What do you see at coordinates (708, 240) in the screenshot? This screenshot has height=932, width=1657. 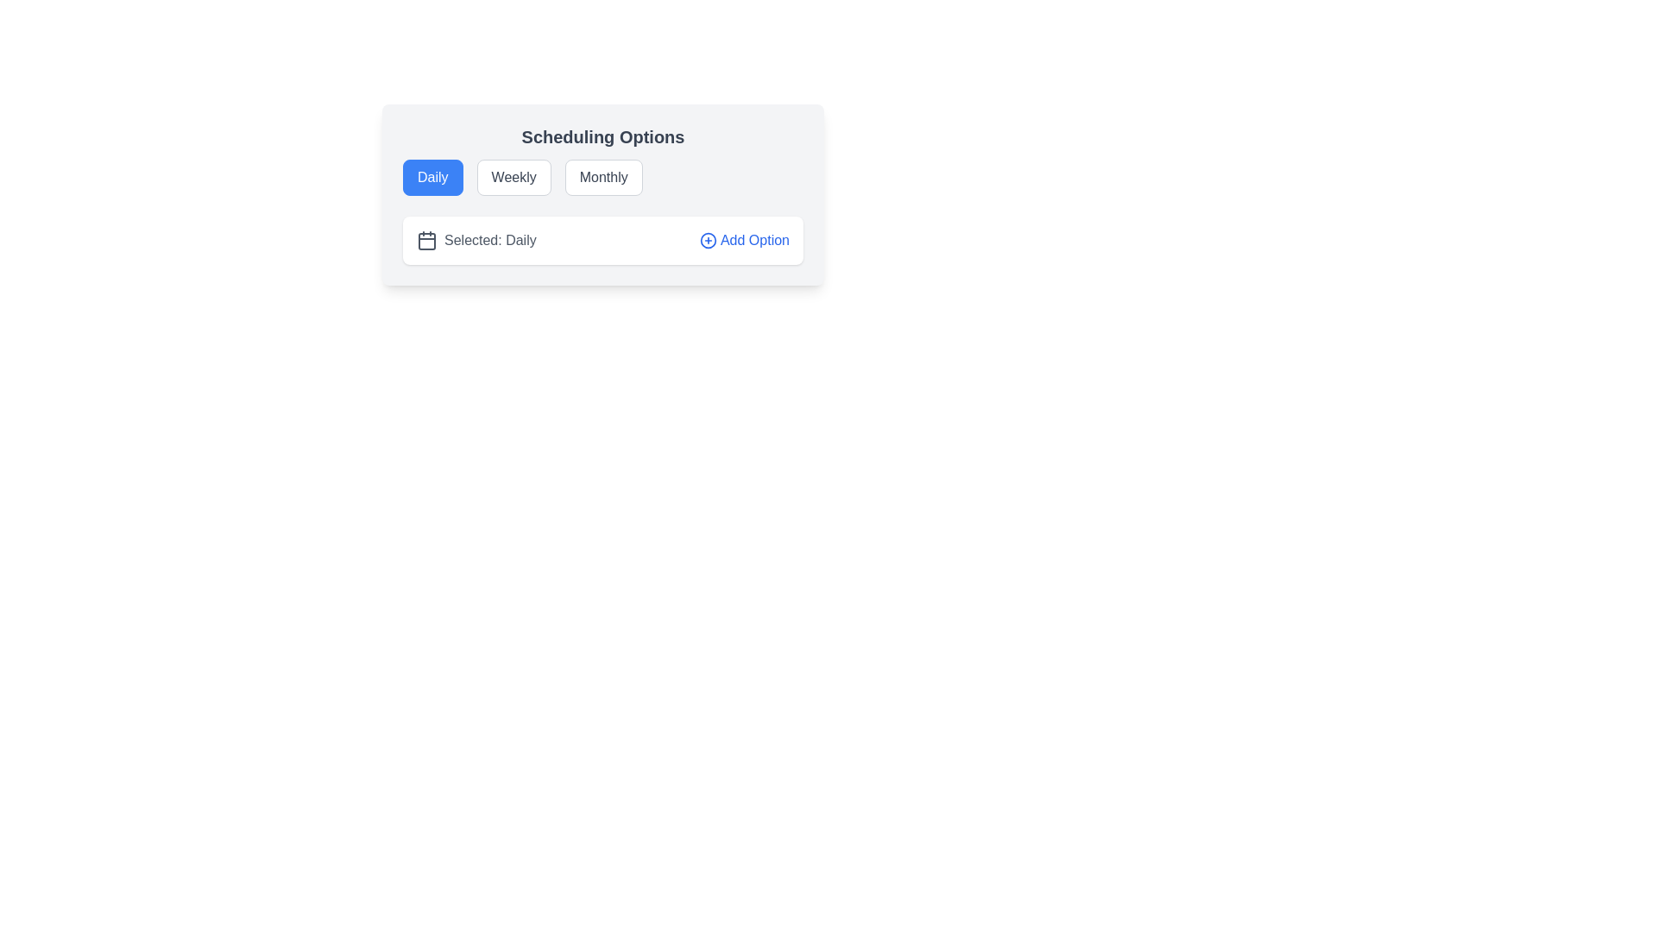 I see `the circular 'plus' icon located at the right end of the 'Add Option' text` at bounding box center [708, 240].